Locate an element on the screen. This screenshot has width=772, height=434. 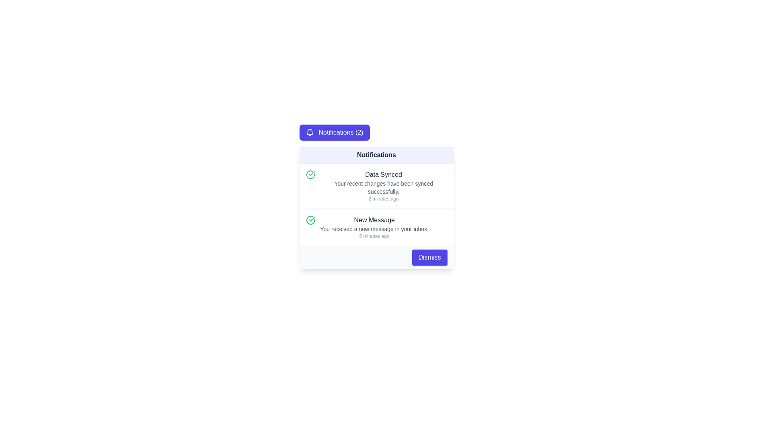
the text label indicating the time elapsed since the notification's event occurred, which is located under the message 'Your recent changes have been synced successfully.' is located at coordinates (383, 199).